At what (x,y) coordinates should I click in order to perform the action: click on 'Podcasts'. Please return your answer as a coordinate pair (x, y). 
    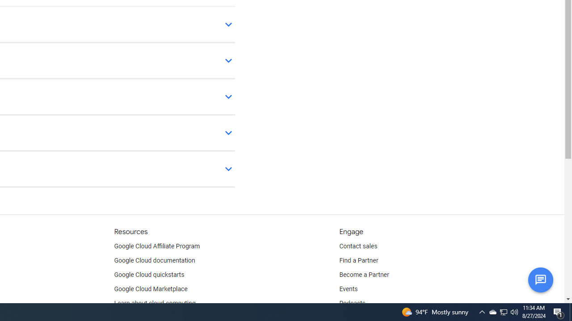
    Looking at the image, I should click on (352, 303).